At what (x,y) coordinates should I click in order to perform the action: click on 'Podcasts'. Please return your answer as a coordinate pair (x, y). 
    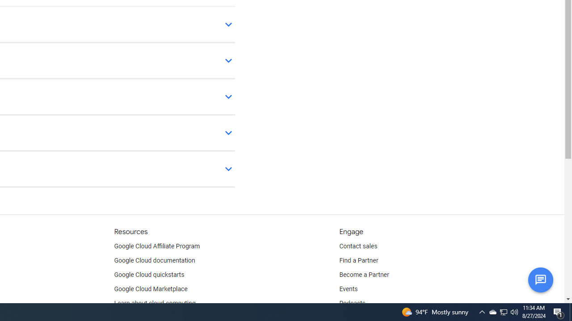
    Looking at the image, I should click on (352, 303).